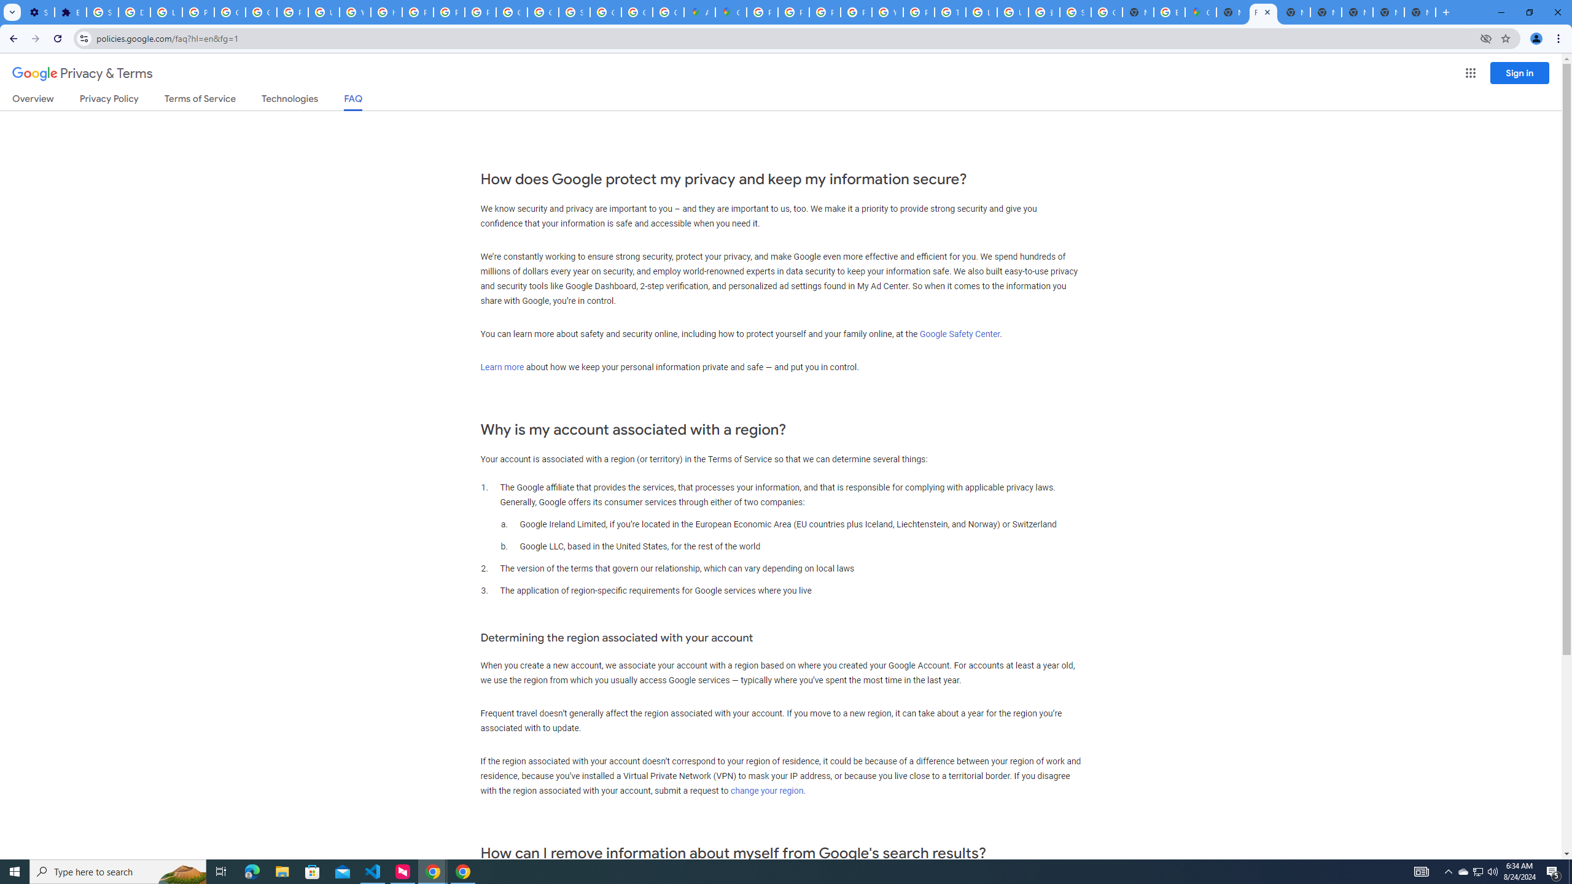  Describe the element at coordinates (768, 790) in the screenshot. I see `'change your region.'` at that location.